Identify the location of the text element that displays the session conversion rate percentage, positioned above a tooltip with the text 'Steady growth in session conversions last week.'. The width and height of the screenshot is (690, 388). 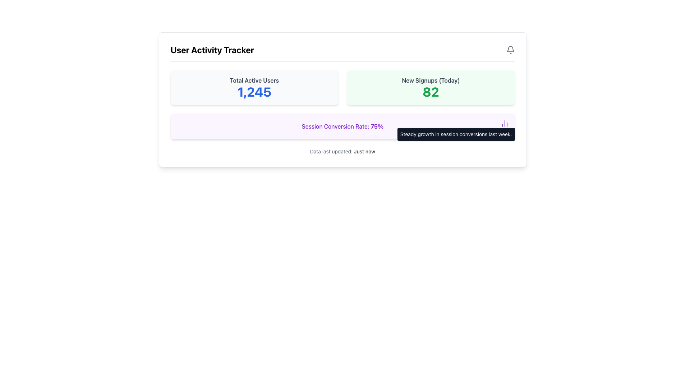
(342, 126).